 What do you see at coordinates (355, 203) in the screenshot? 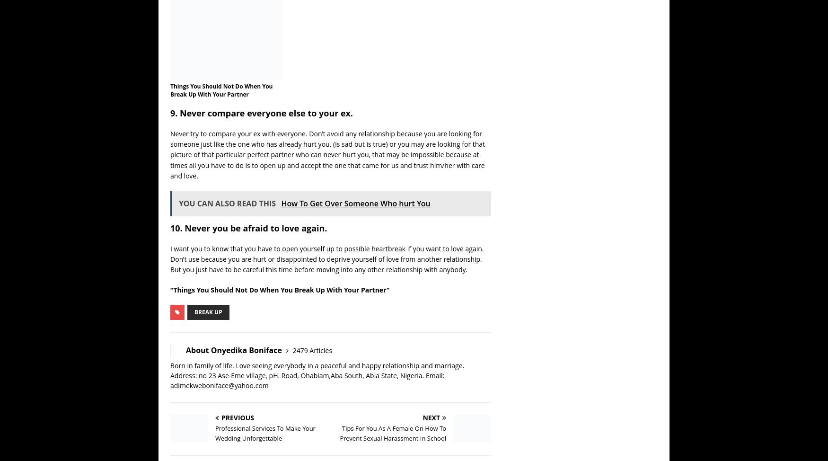
I see `'How To Get Over Someone Who hurt You'` at bounding box center [355, 203].